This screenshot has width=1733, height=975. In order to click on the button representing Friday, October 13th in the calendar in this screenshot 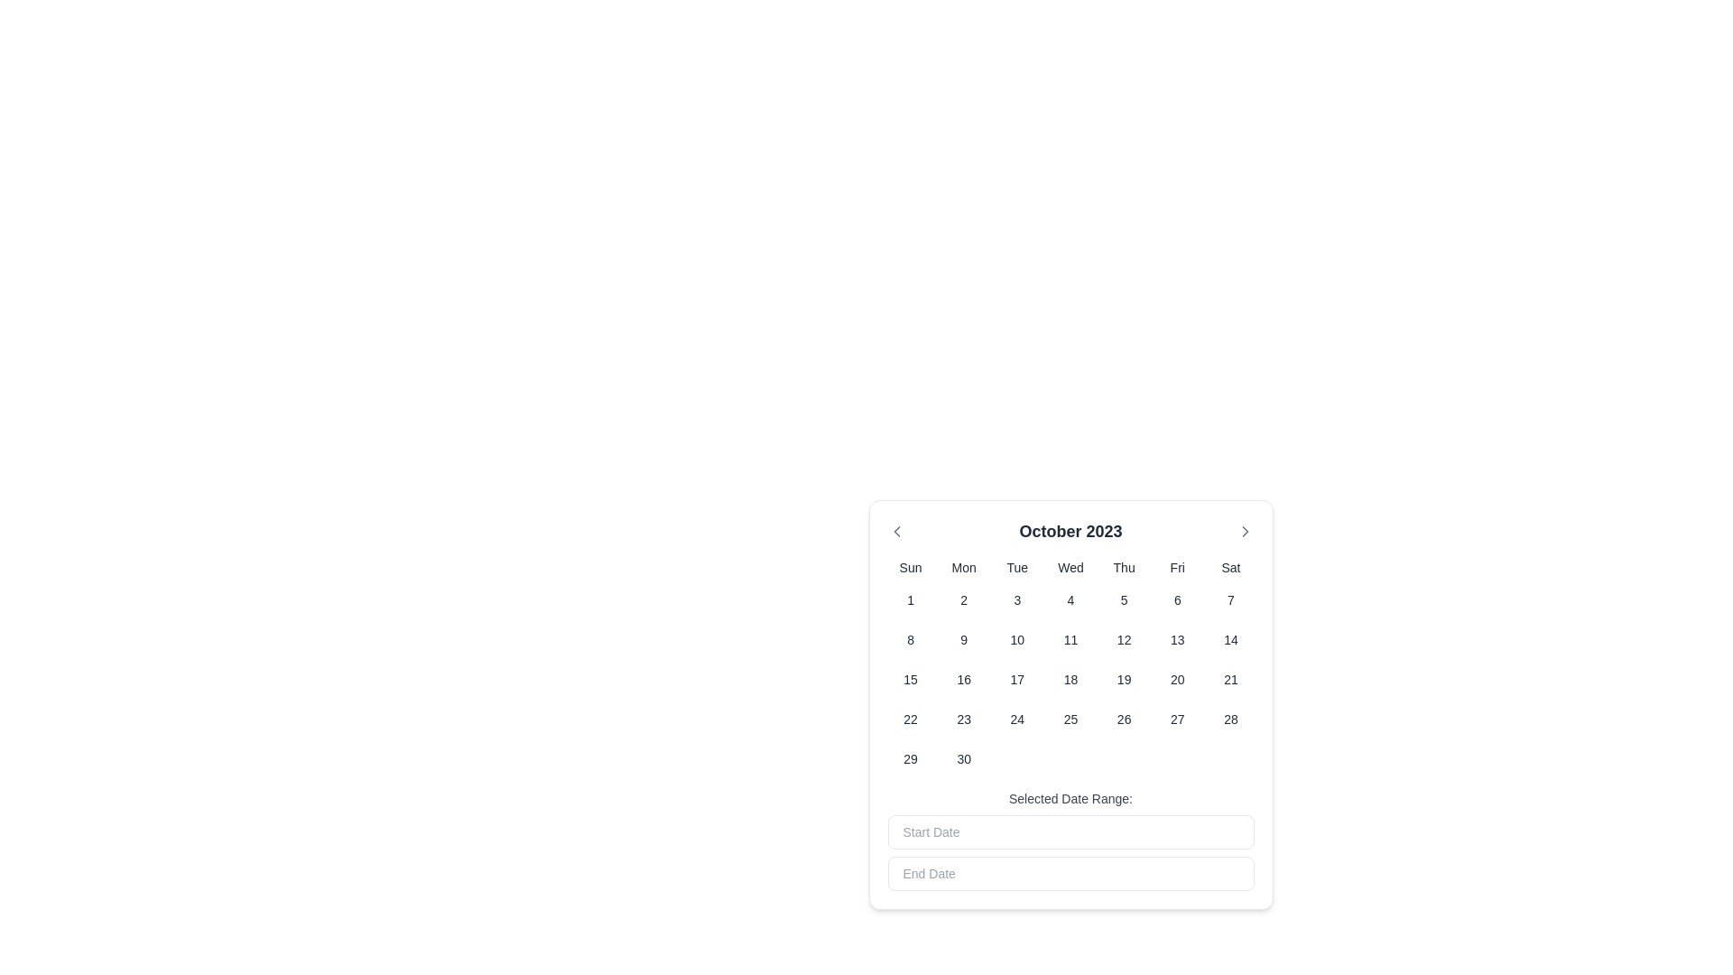, I will do `click(1177, 639)`.